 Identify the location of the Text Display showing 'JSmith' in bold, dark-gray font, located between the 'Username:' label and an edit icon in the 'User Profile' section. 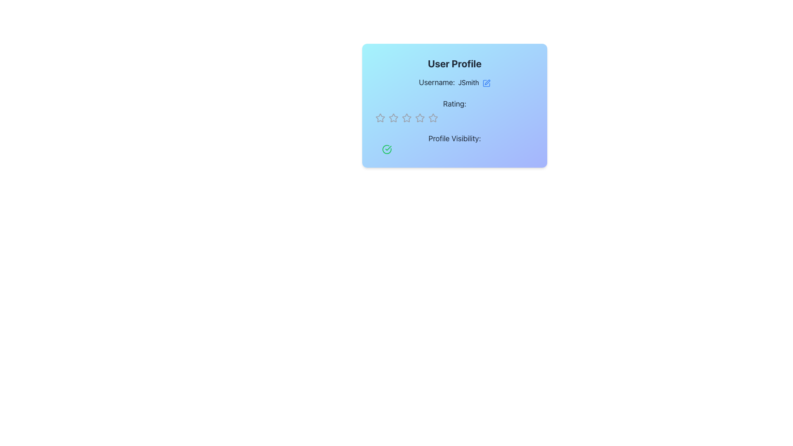
(468, 83).